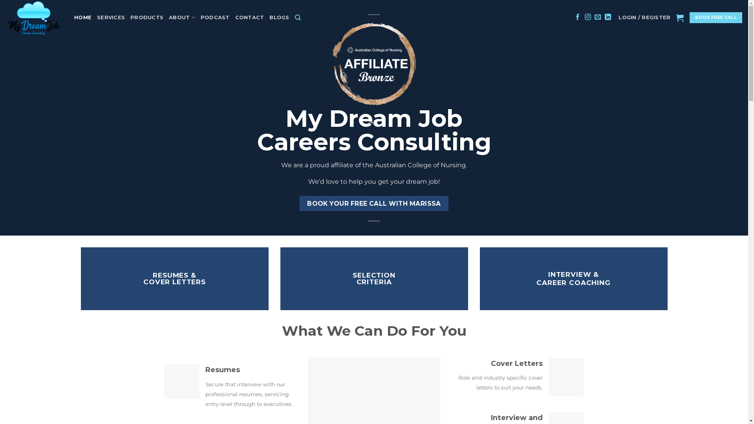  Describe the element at coordinates (143, 278) in the screenshot. I see `'RESUMES &` at that location.